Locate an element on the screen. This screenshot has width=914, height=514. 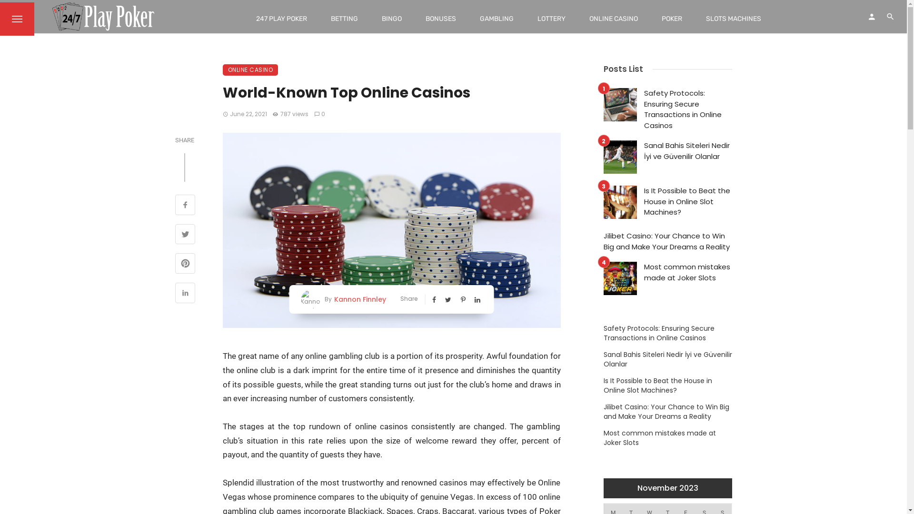
'BINGO' is located at coordinates (369, 19).